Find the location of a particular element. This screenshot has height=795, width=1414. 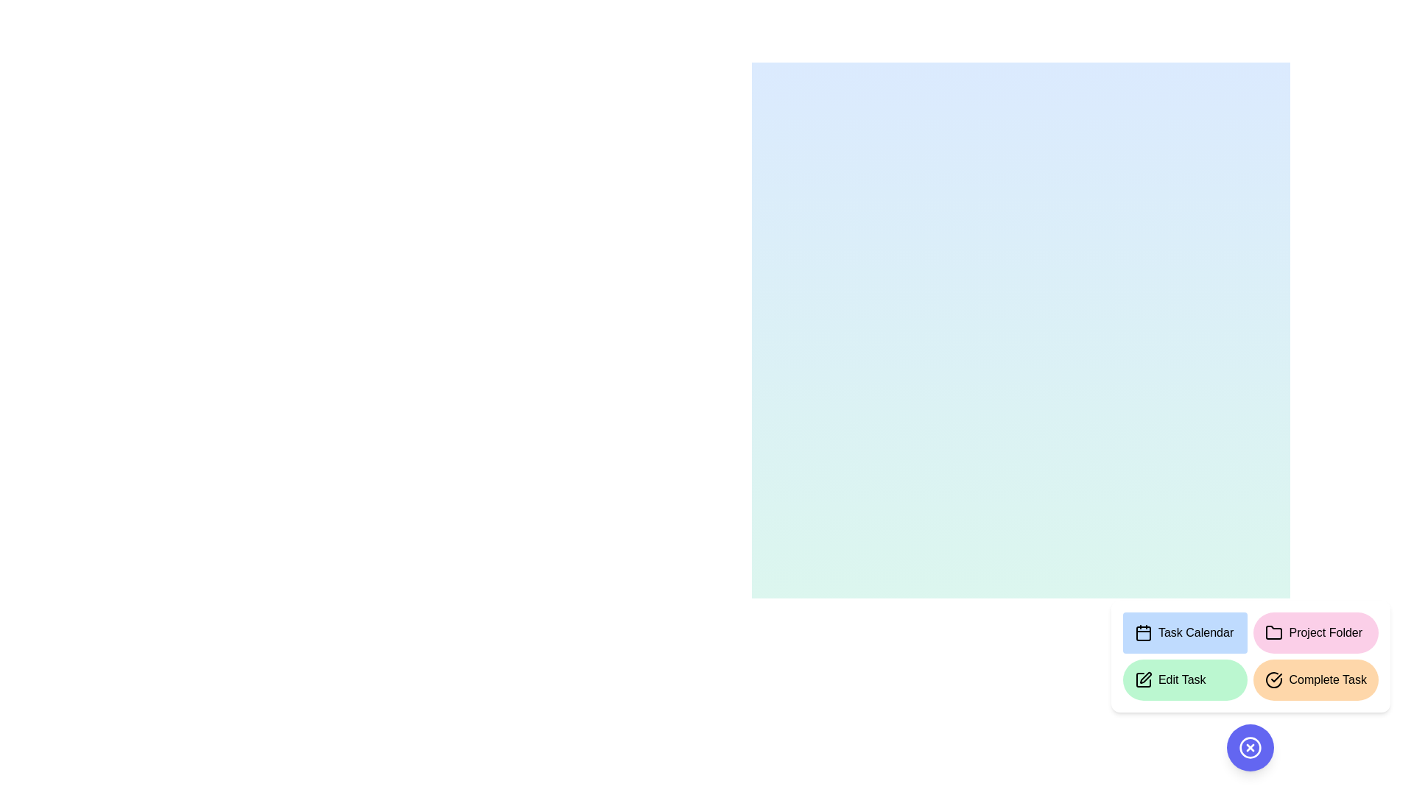

the folder icon with a black outline on a pink background, located within the 'Project Folder' button on the right side of the second button in a row of four buttons is located at coordinates (1273, 632).